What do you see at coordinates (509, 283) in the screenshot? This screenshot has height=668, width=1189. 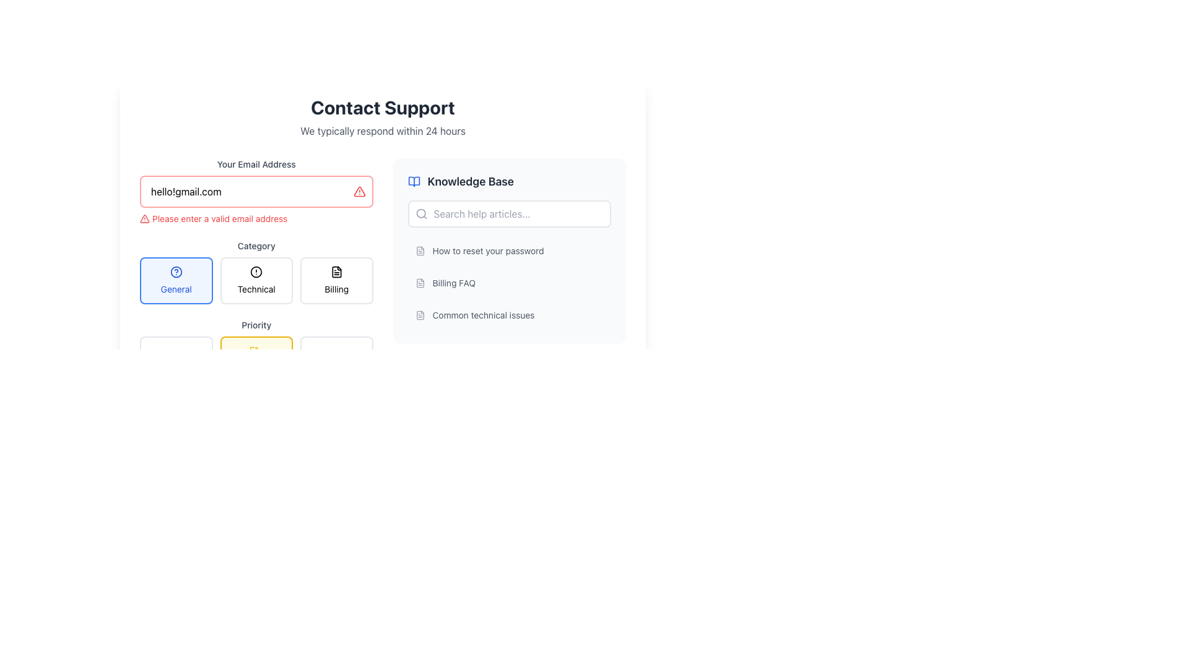 I see `the second item in the vertical list of three options within the 'Knowledge Base' section` at bounding box center [509, 283].